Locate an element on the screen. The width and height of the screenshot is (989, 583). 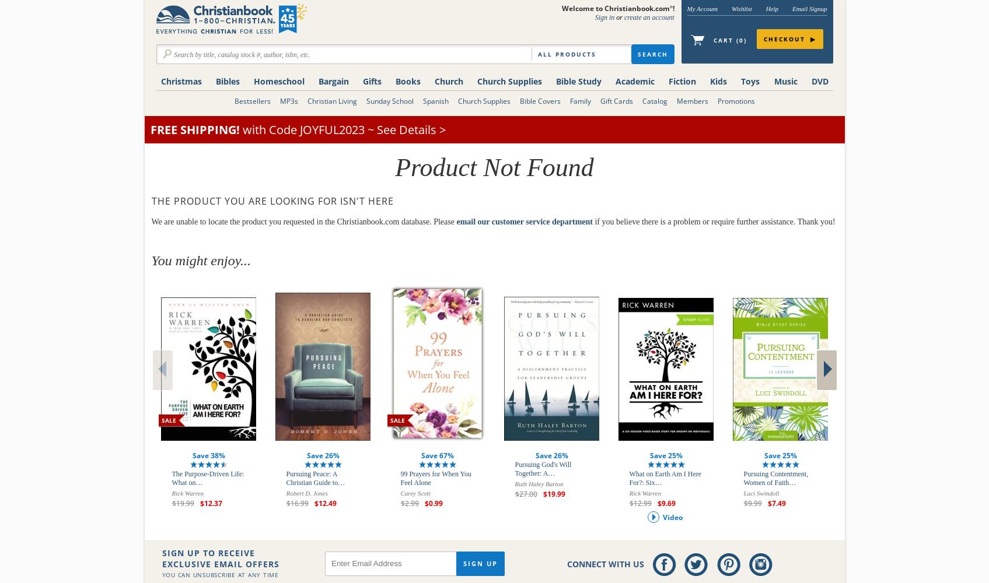
'$27.00' is located at coordinates (514, 493).